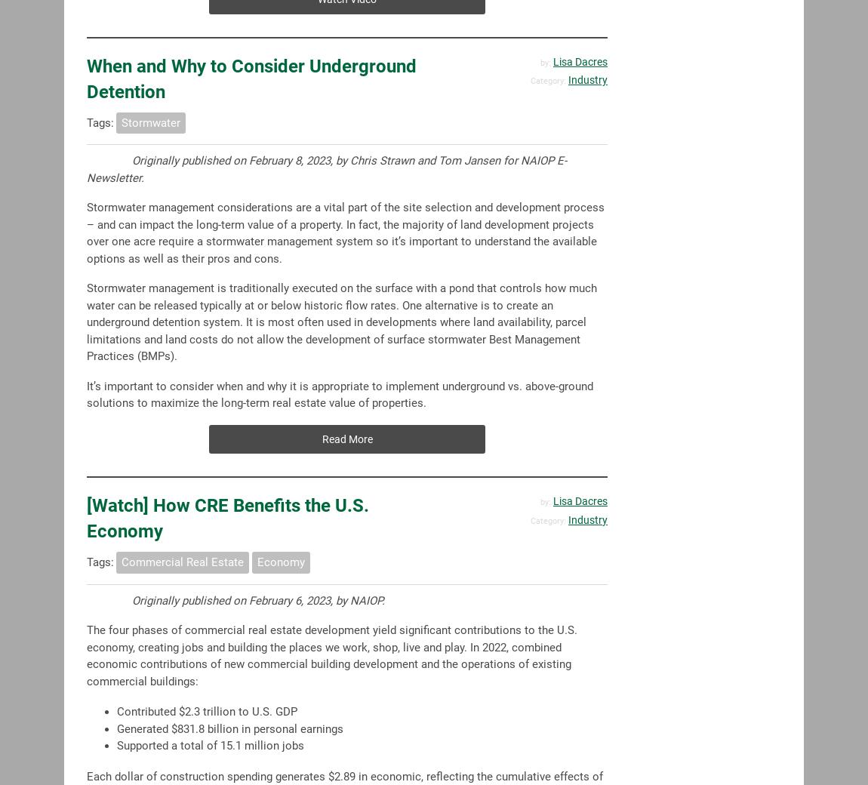 The height and width of the screenshot is (785, 868). I want to click on 'Stormwater', so click(149, 122).